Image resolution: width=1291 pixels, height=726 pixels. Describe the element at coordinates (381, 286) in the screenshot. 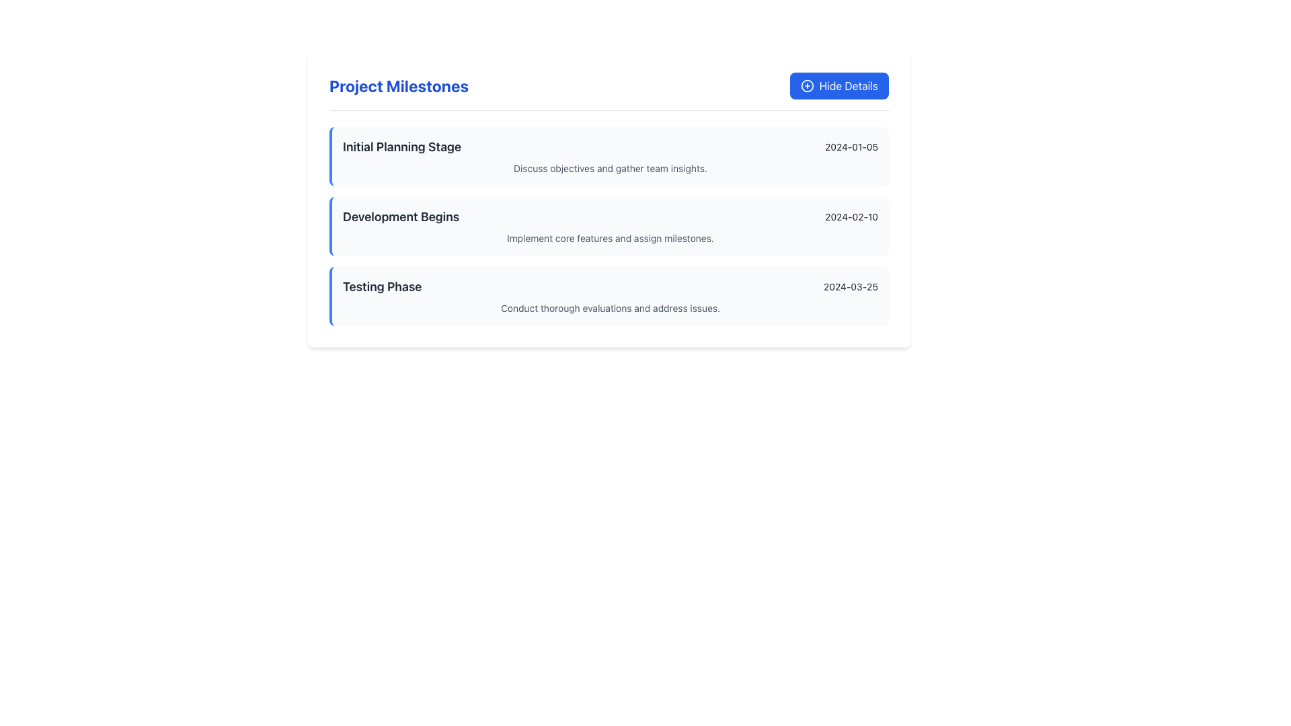

I see `the Text Label displaying 'Testing Phase', which is styled in bold and positioned prominently in the lower row of a three-row milestone list` at that location.